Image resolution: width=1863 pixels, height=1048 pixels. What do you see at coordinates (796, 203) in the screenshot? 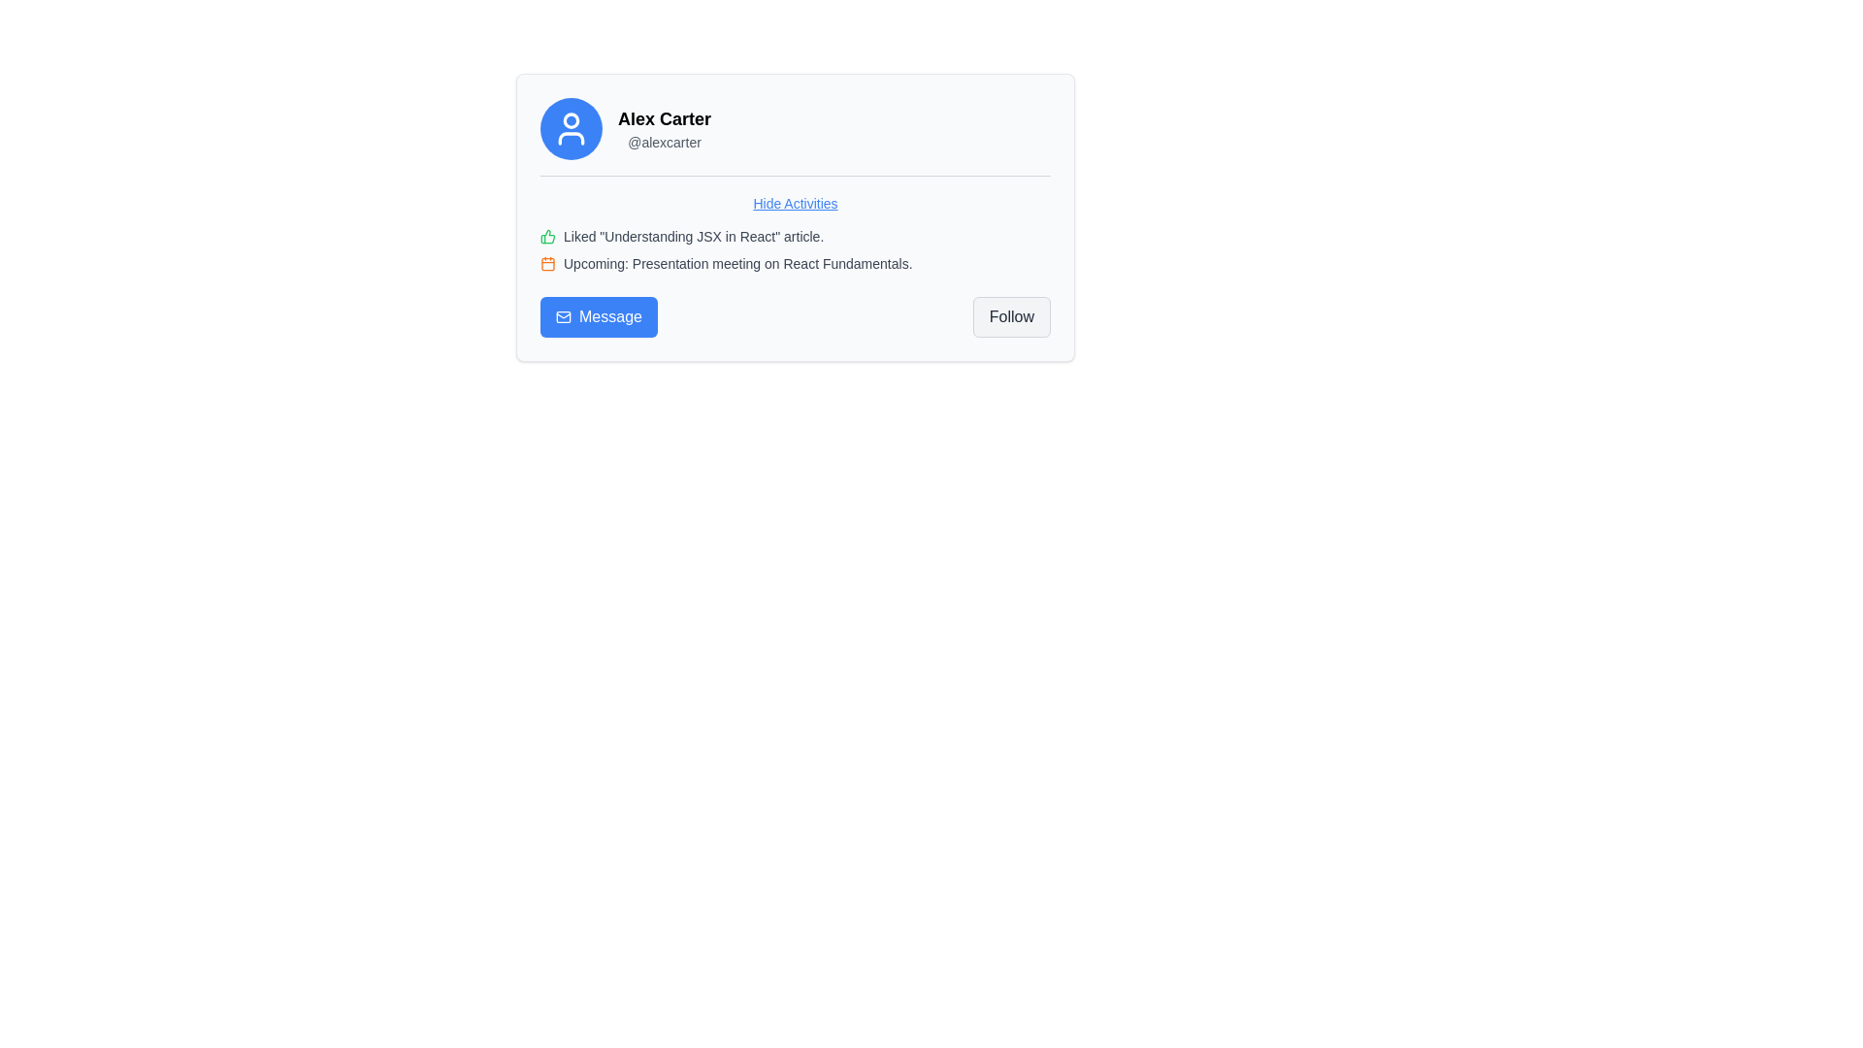
I see `the interactive text link labeled 'Hide Activities', which is styled with a smaller font size, blue coloring, and an underline, located above the user's activity details` at bounding box center [796, 203].